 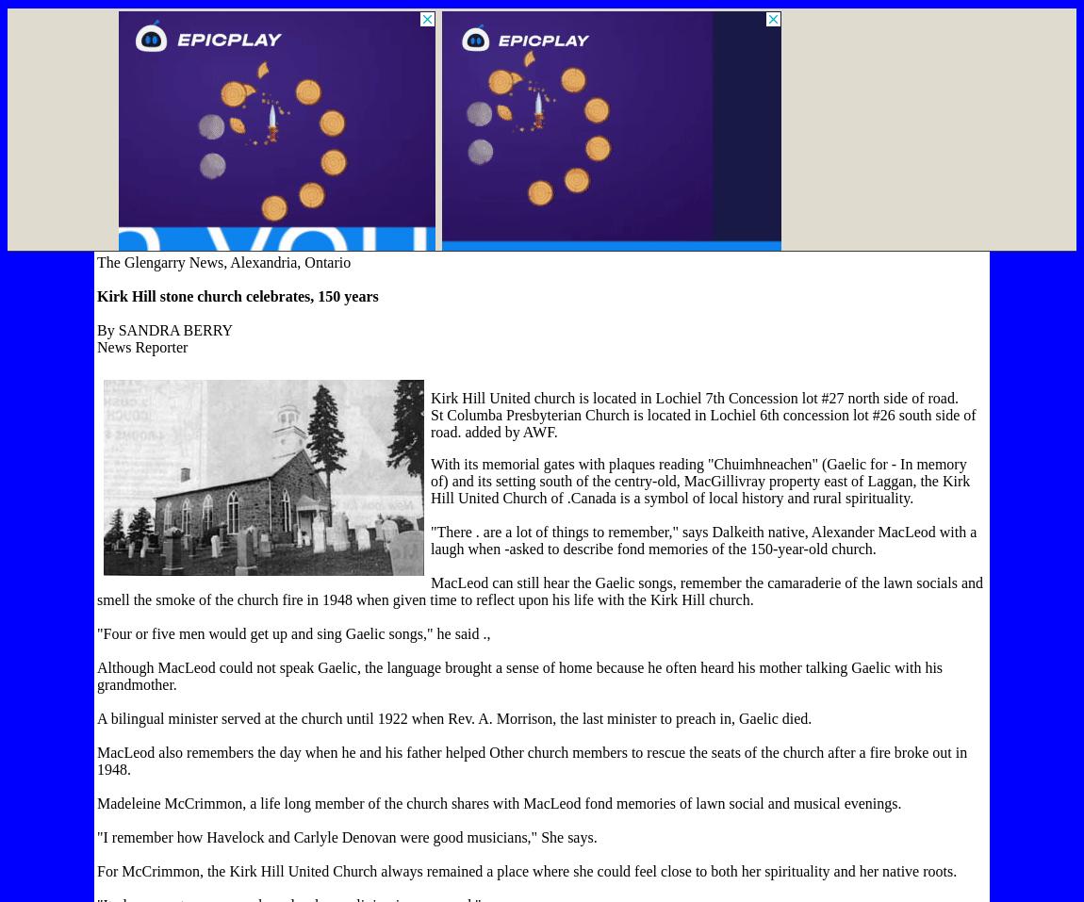 I want to click on 'St Columba Presbyterian Church is located in Lochiel 6th concession lot #26 south side of road.  added by AWF.', so click(x=702, y=422).